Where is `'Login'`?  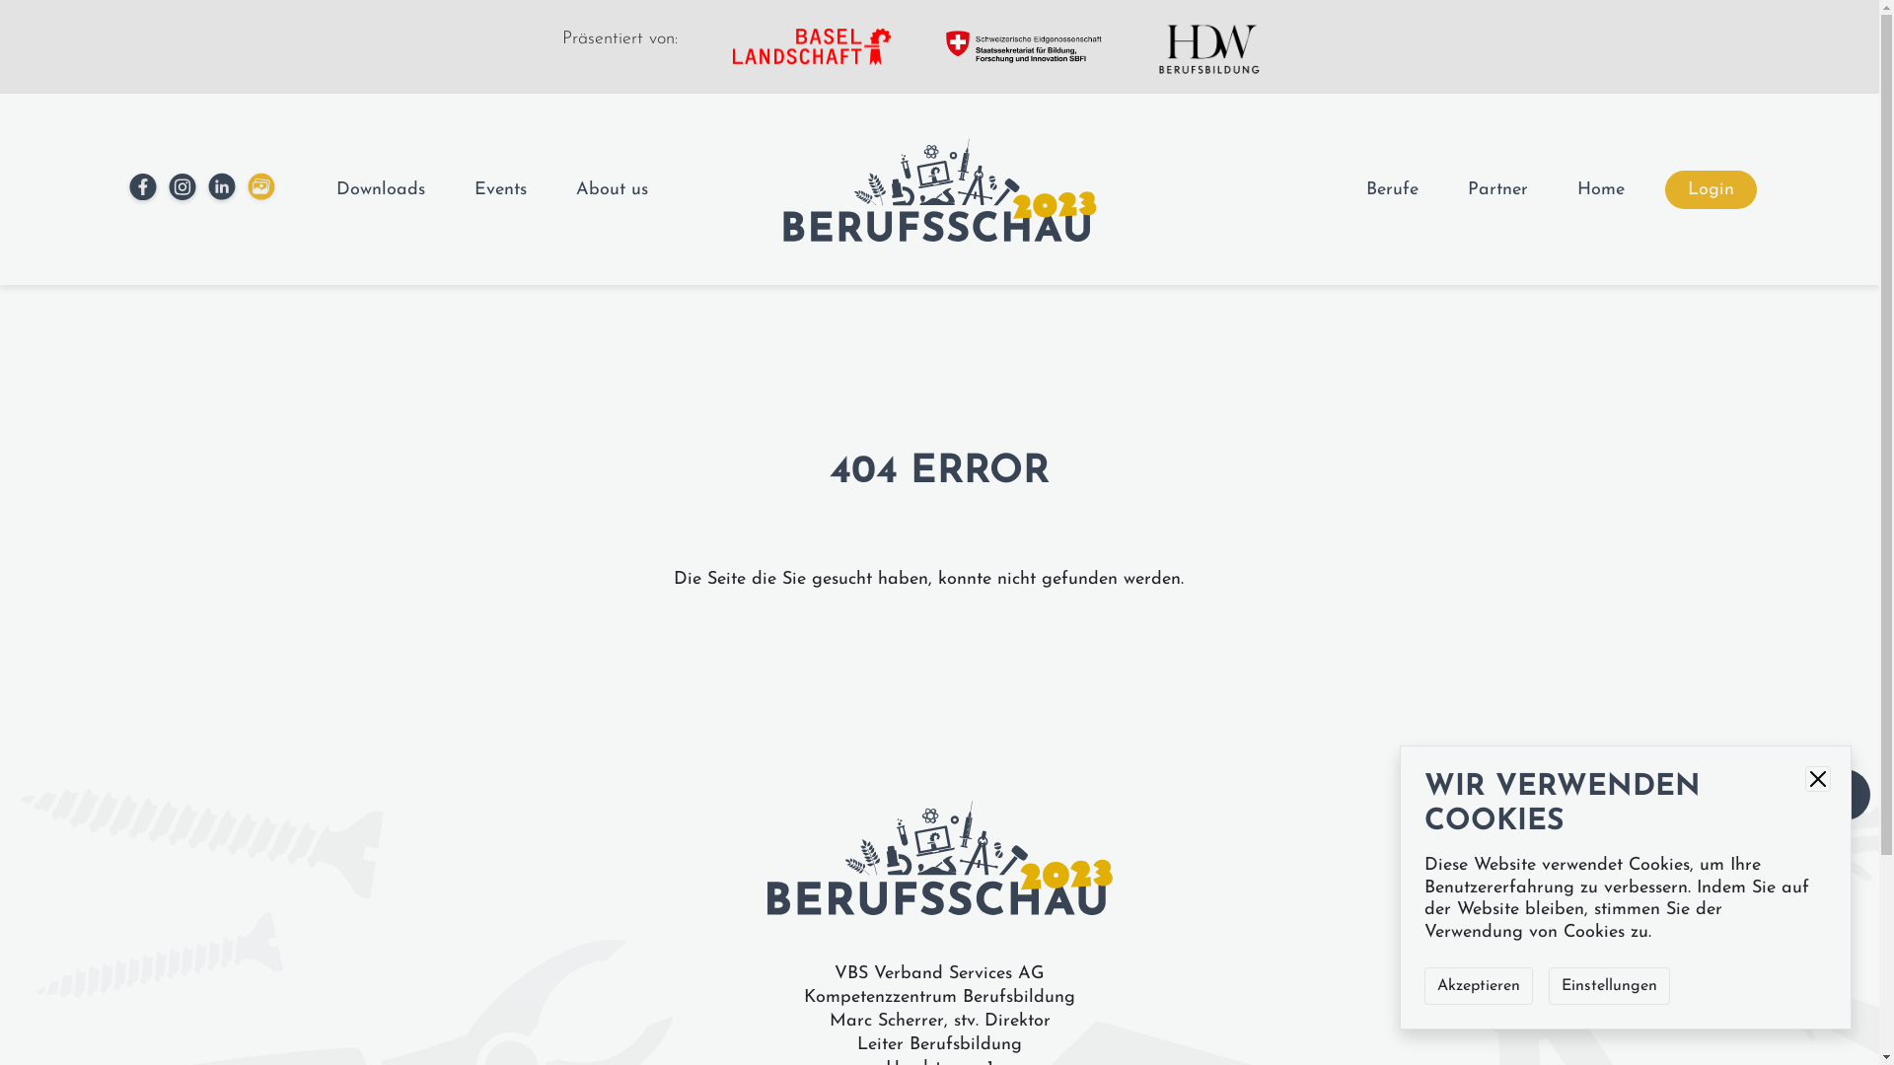 'Login' is located at coordinates (1710, 188).